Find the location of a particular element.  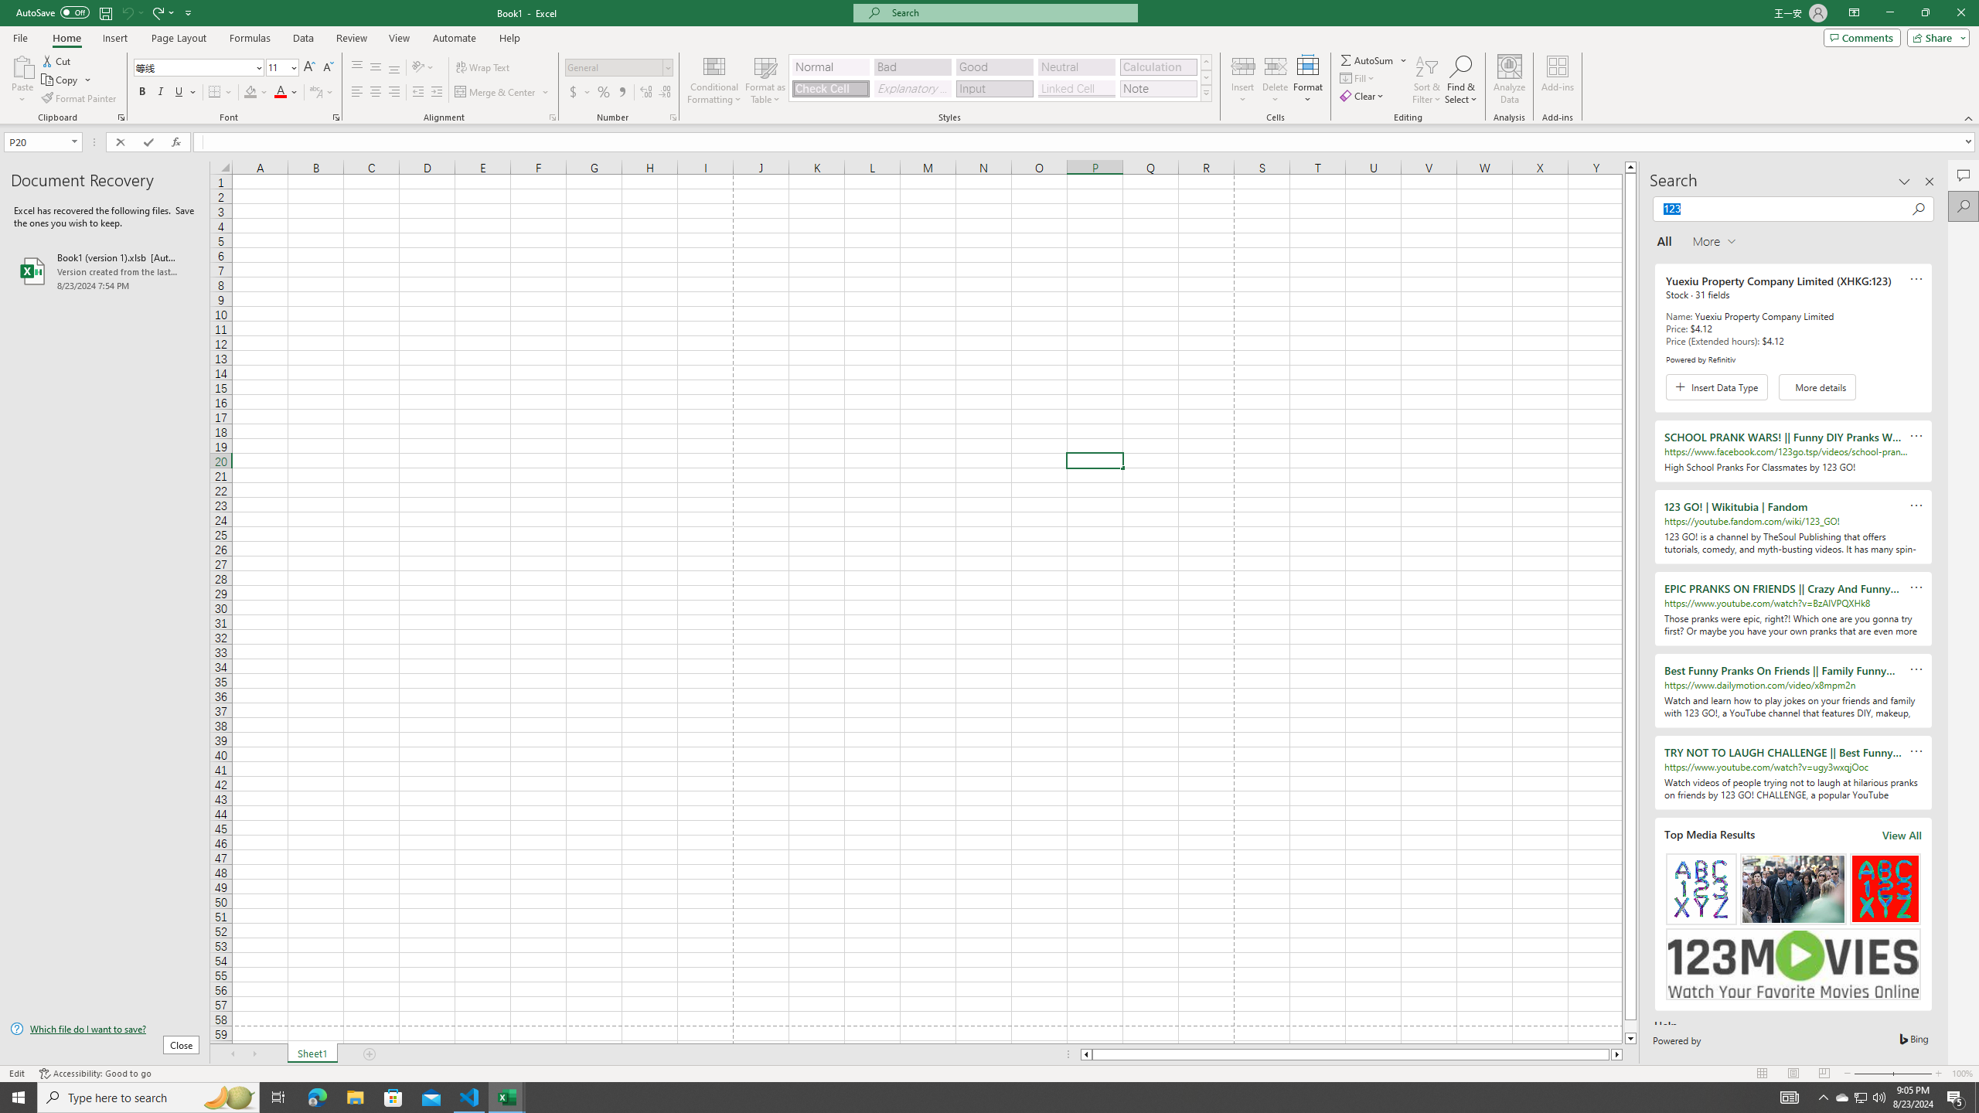

'Formulas' is located at coordinates (251, 38).